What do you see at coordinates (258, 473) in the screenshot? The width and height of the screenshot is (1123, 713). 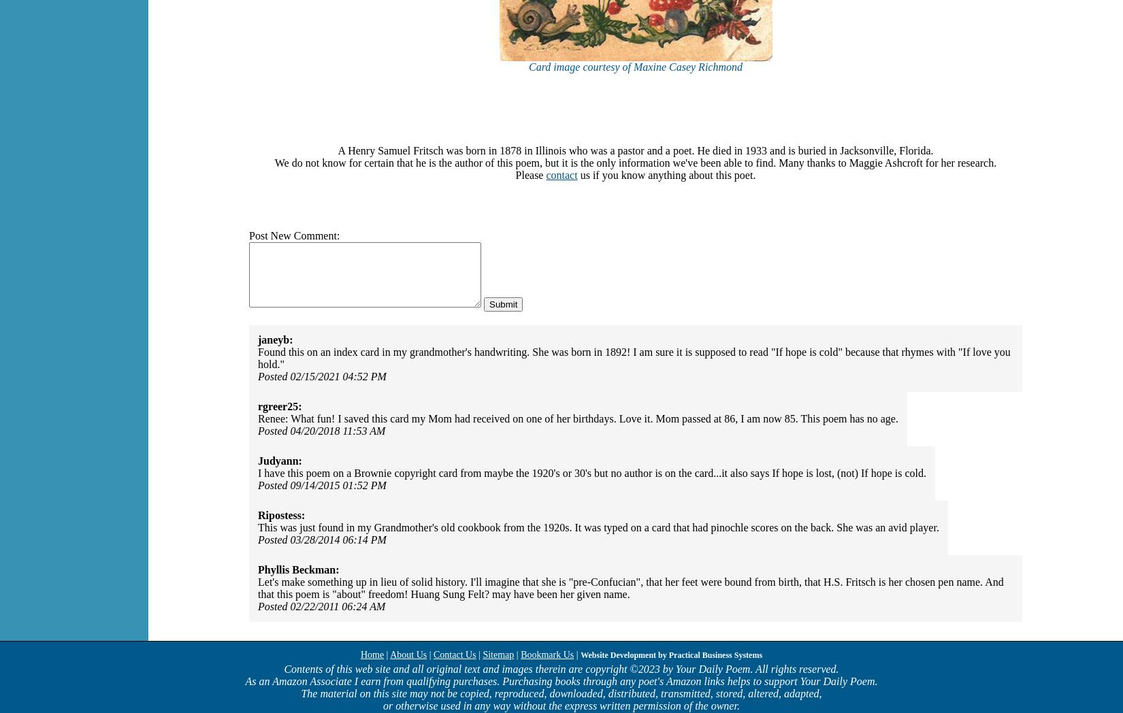 I see `'I have this poem on a Brownie copyright card from maybe the 1920's or 30's but no author is on the card...it also says If hope is lost, (not) If hope is cold.'` at bounding box center [258, 473].